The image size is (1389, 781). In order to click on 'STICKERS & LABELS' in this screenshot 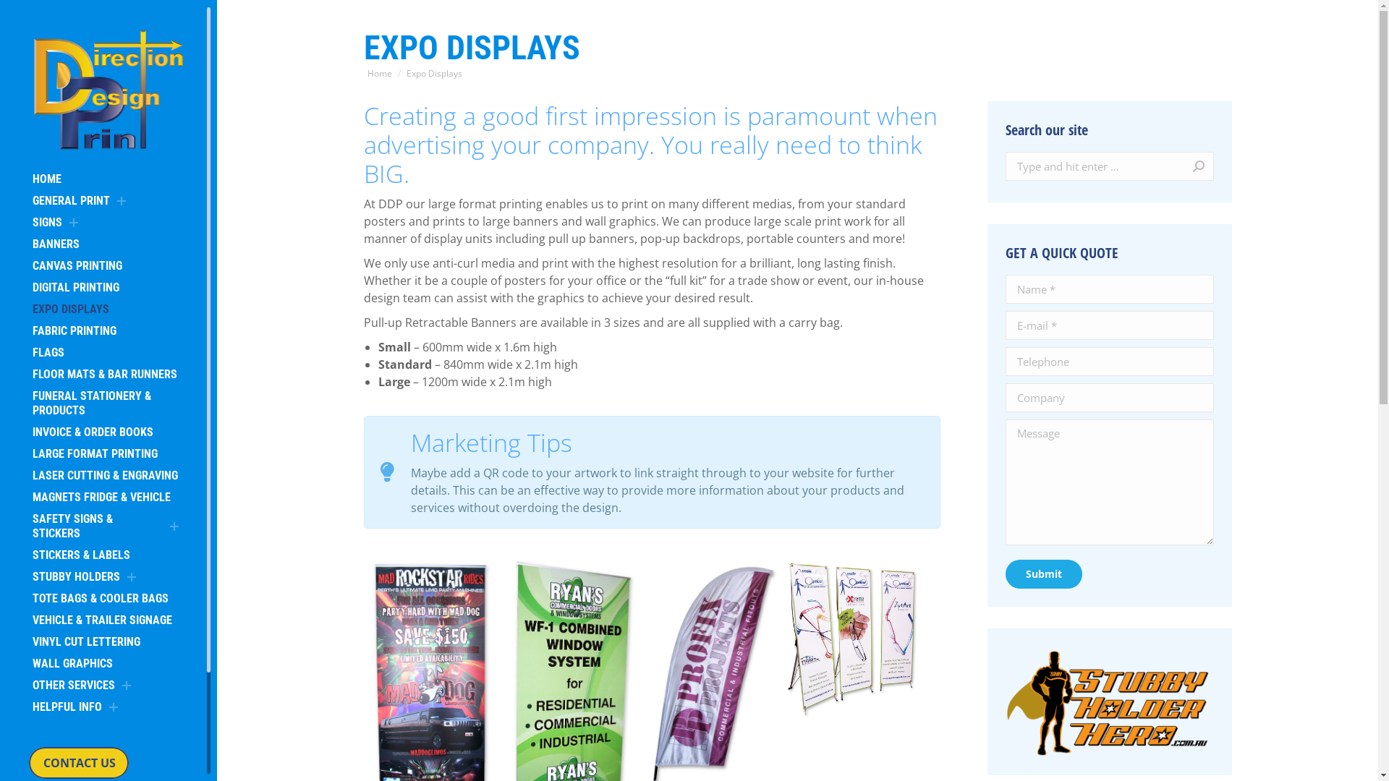, I will do `click(80, 554)`.